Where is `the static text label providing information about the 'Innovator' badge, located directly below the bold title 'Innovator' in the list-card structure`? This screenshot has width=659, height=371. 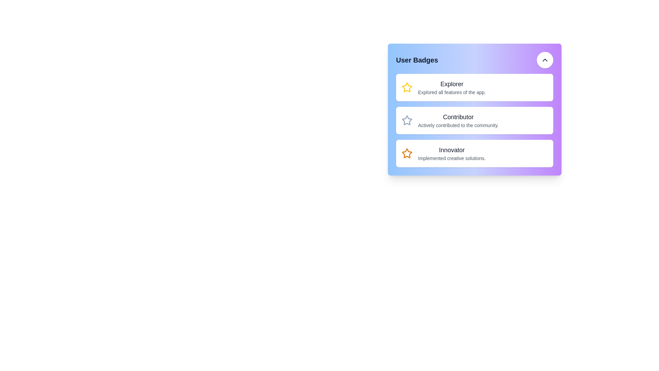 the static text label providing information about the 'Innovator' badge, located directly below the bold title 'Innovator' in the list-card structure is located at coordinates (452, 158).